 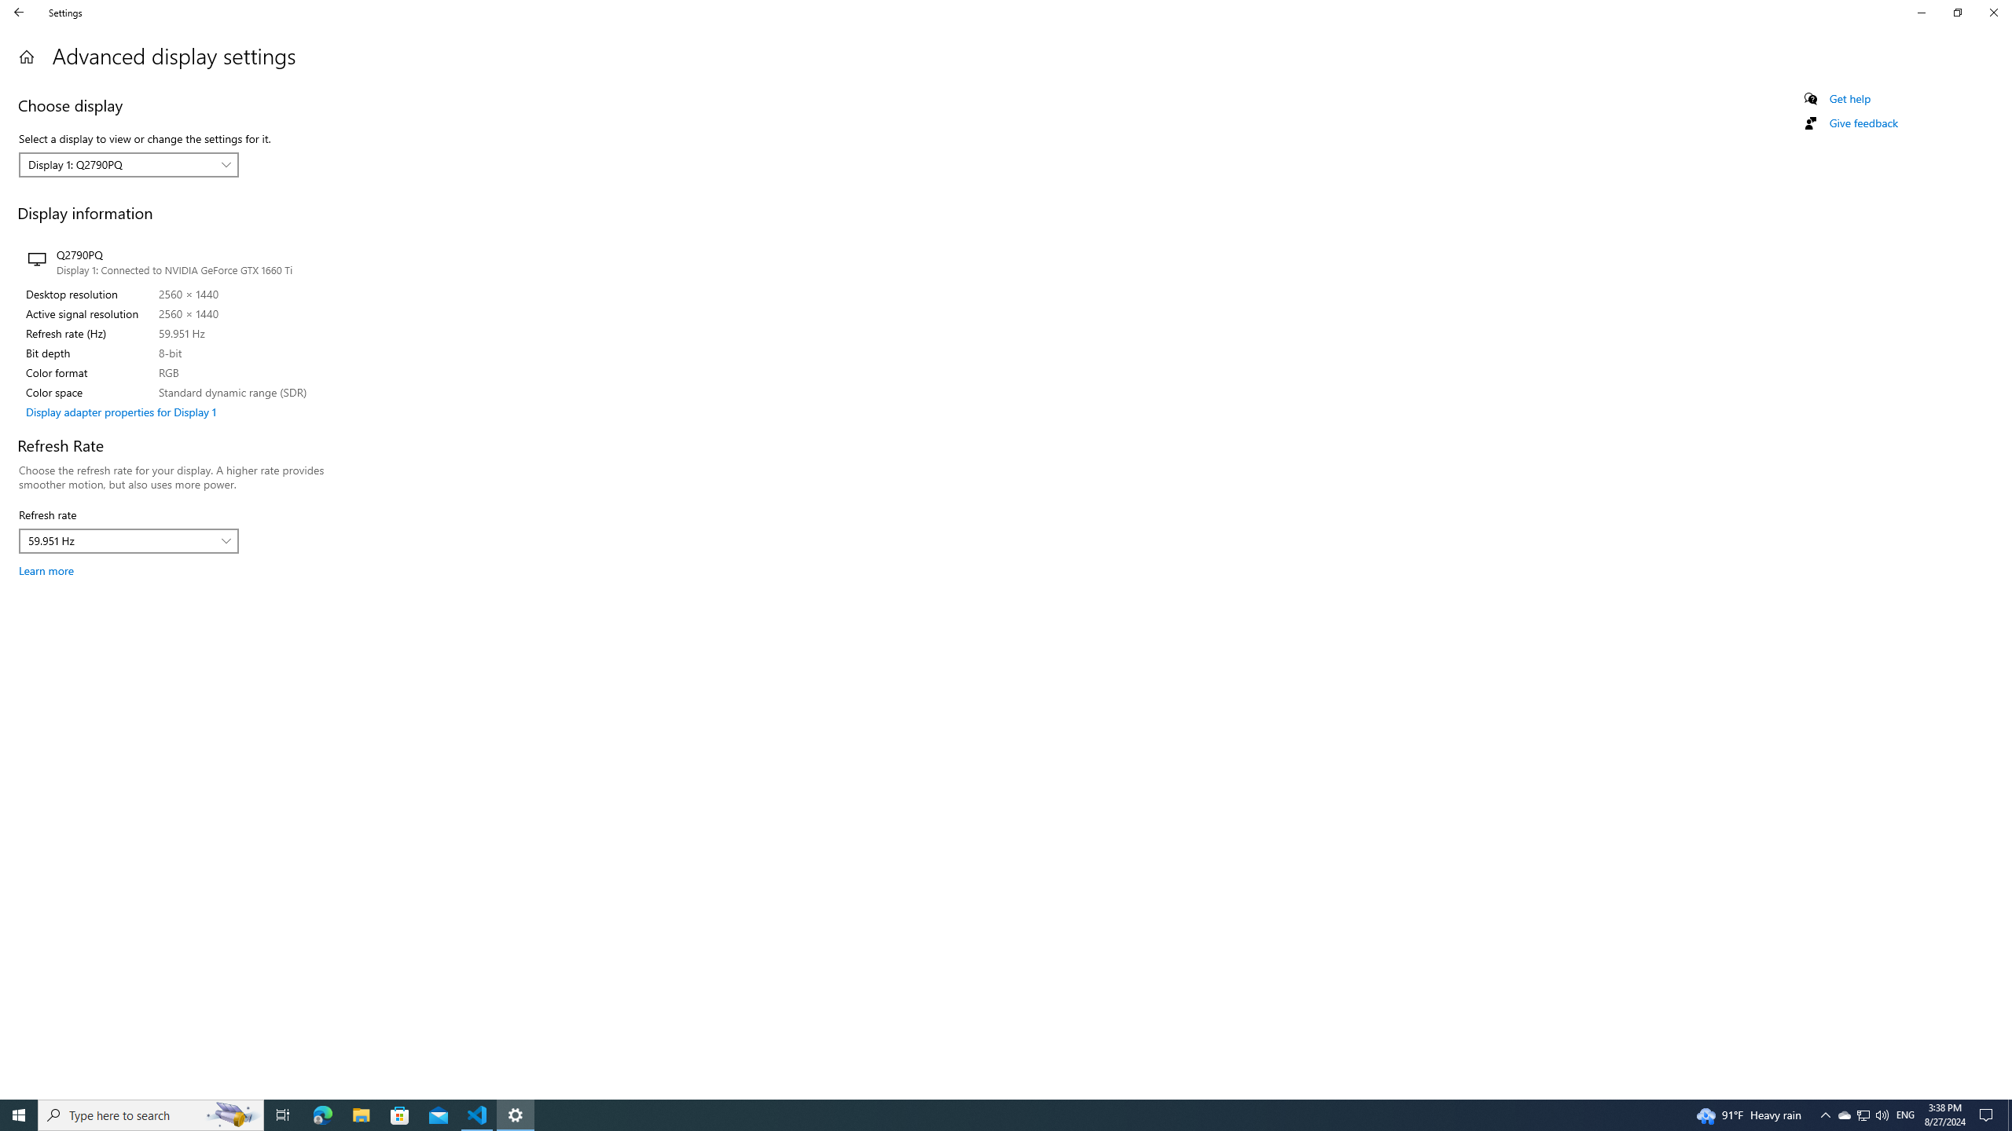 What do you see at coordinates (516, 1114) in the screenshot?
I see `'Settings - 1 running window'` at bounding box center [516, 1114].